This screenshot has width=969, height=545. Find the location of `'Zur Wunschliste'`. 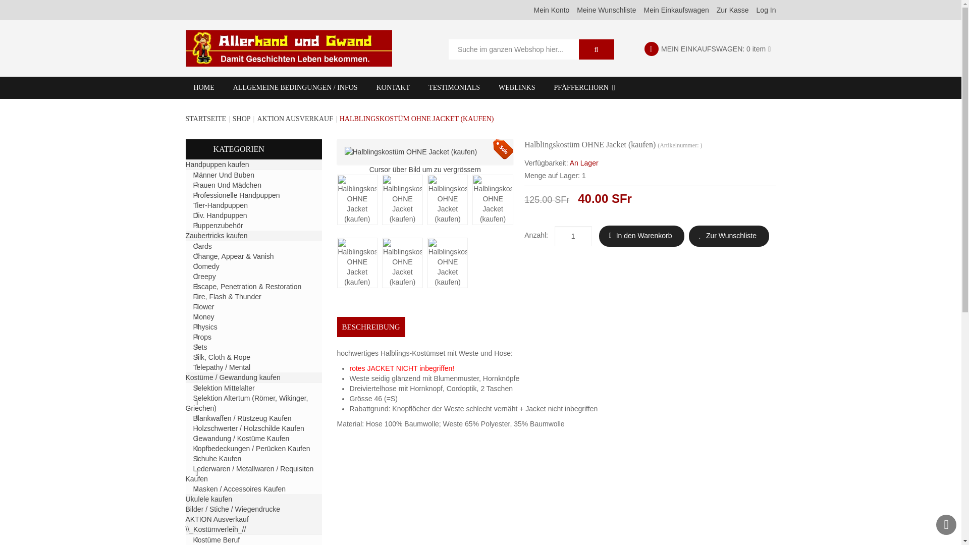

'Zur Wunschliste' is located at coordinates (731, 236).